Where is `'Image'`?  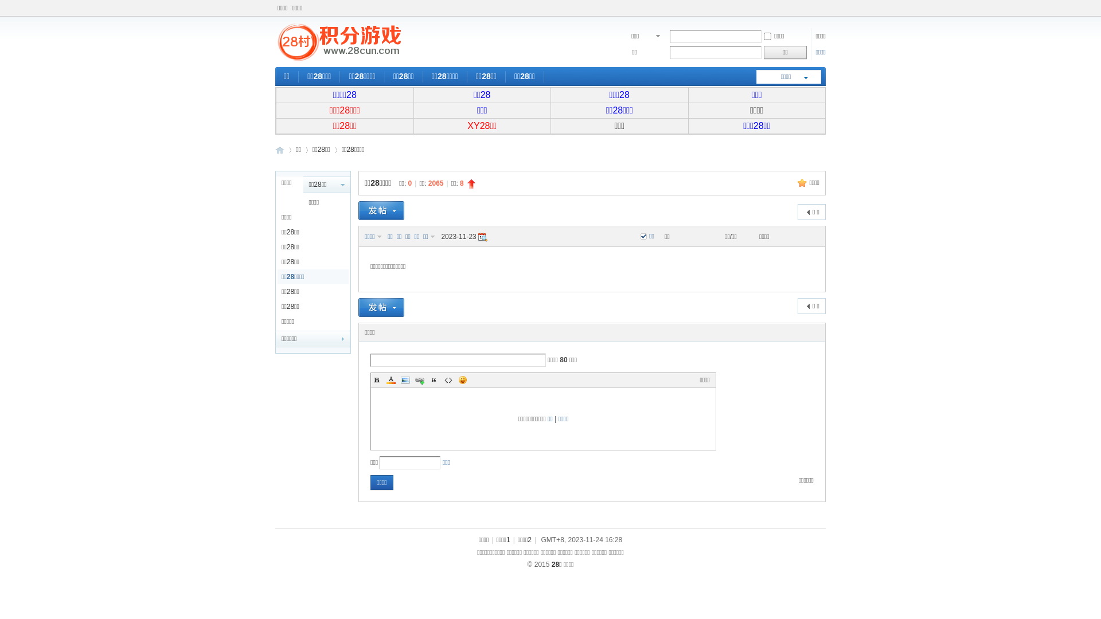 'Image' is located at coordinates (405, 380).